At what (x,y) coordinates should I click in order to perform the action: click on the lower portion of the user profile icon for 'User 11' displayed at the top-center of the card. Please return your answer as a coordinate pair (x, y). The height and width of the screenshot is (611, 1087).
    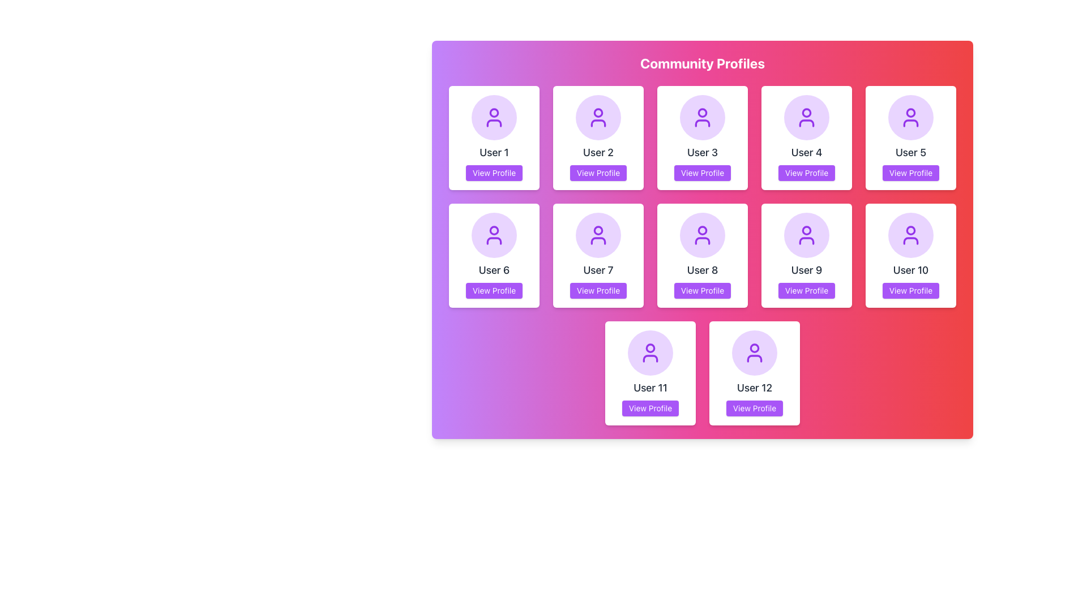
    Looking at the image, I should click on (650, 358).